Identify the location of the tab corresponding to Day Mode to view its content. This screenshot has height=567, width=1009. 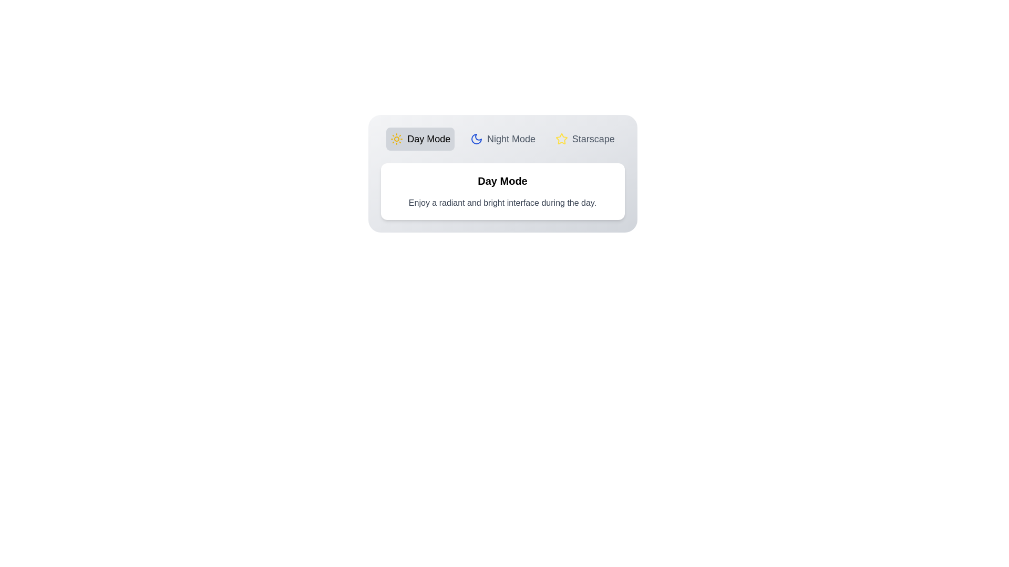
(420, 139).